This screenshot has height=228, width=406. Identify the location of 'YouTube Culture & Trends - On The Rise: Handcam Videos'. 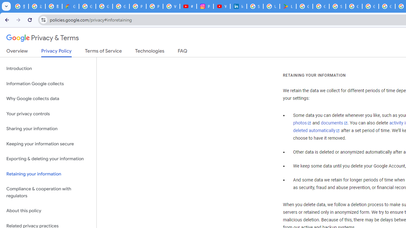
(222, 6).